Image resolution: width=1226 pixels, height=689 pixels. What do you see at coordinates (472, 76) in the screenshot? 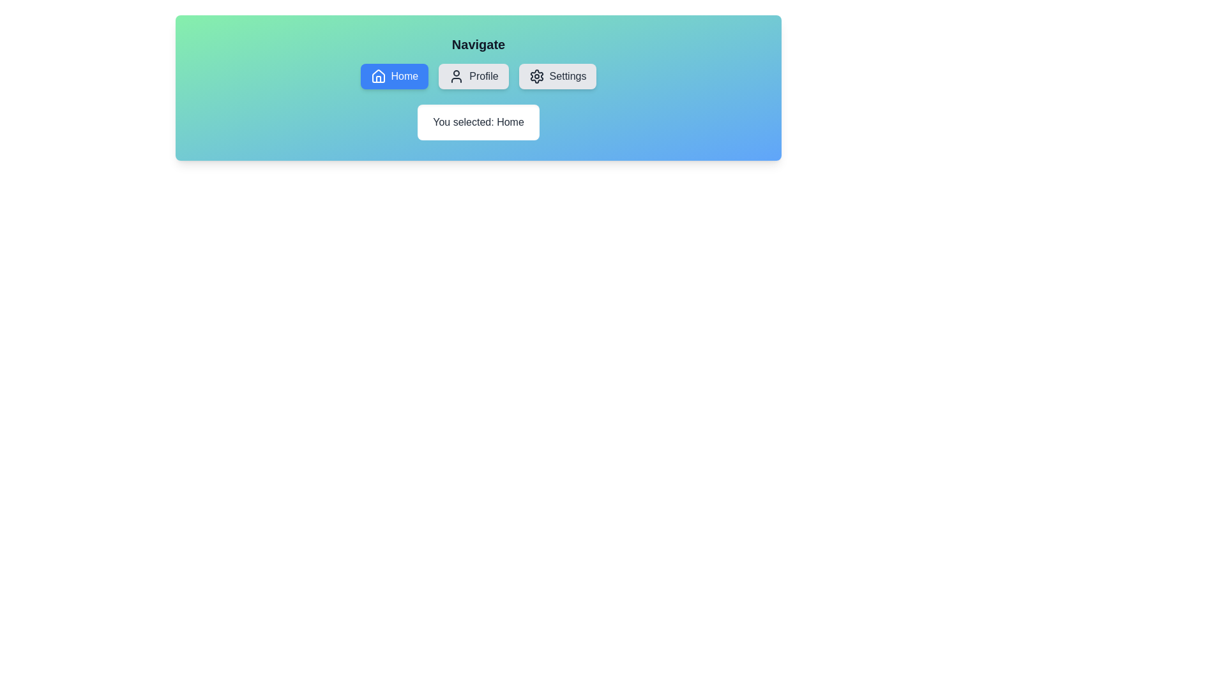
I see `the Profile button to observe its visual feedback` at bounding box center [472, 76].